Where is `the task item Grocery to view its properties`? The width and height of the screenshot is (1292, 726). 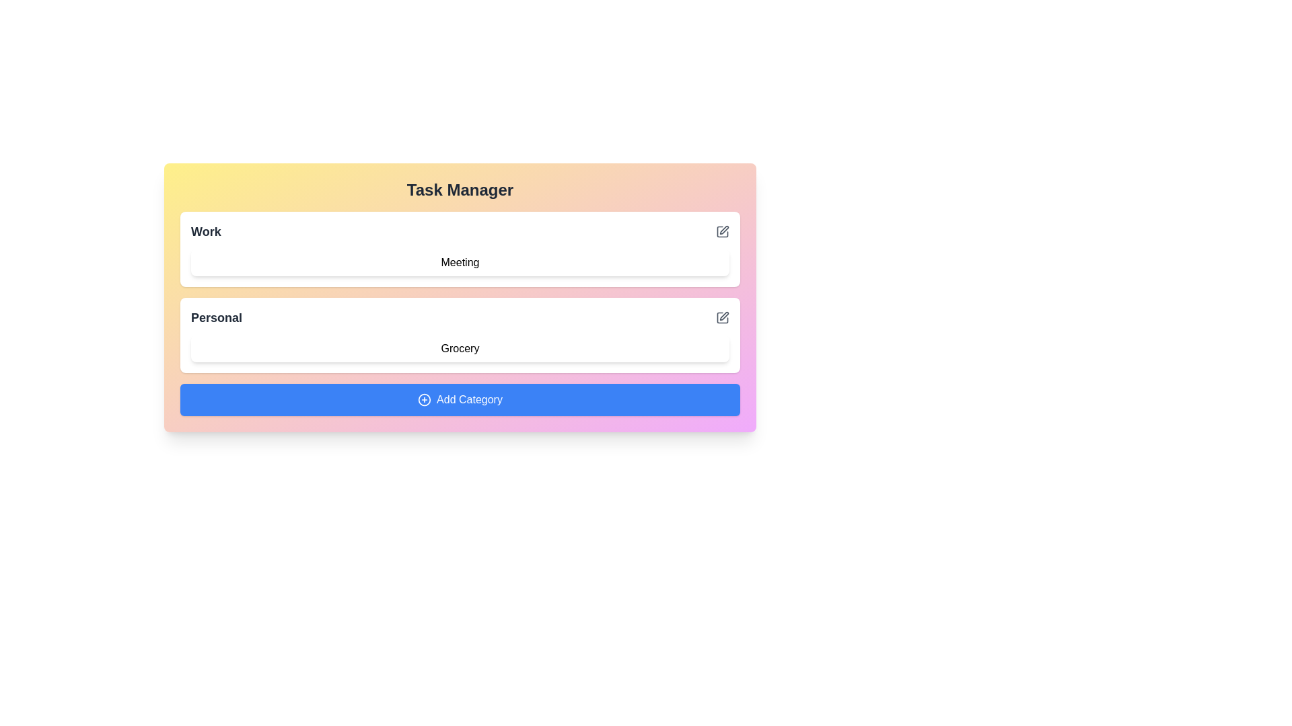 the task item Grocery to view its properties is located at coordinates (460, 348).